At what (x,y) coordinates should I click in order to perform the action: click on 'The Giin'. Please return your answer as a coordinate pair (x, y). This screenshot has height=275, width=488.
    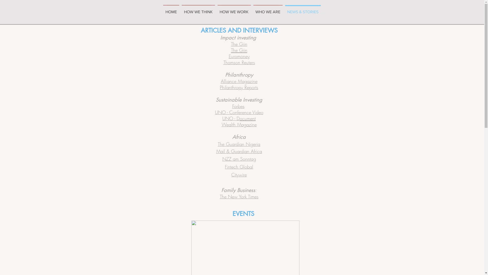
    Looking at the image, I should click on (239, 44).